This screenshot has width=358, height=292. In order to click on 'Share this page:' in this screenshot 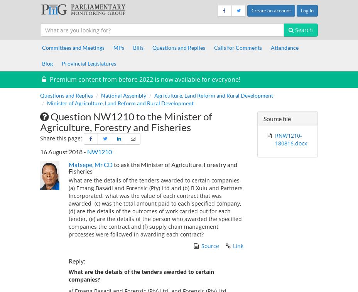, I will do `click(40, 137)`.